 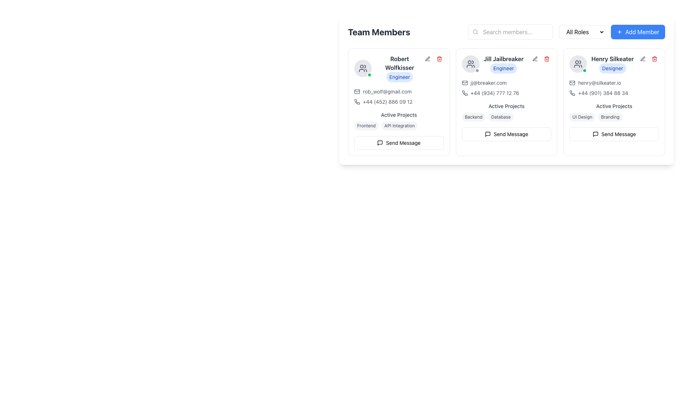 What do you see at coordinates (399, 68) in the screenshot?
I see `the Text Display with Role Badge of the team member, located` at bounding box center [399, 68].